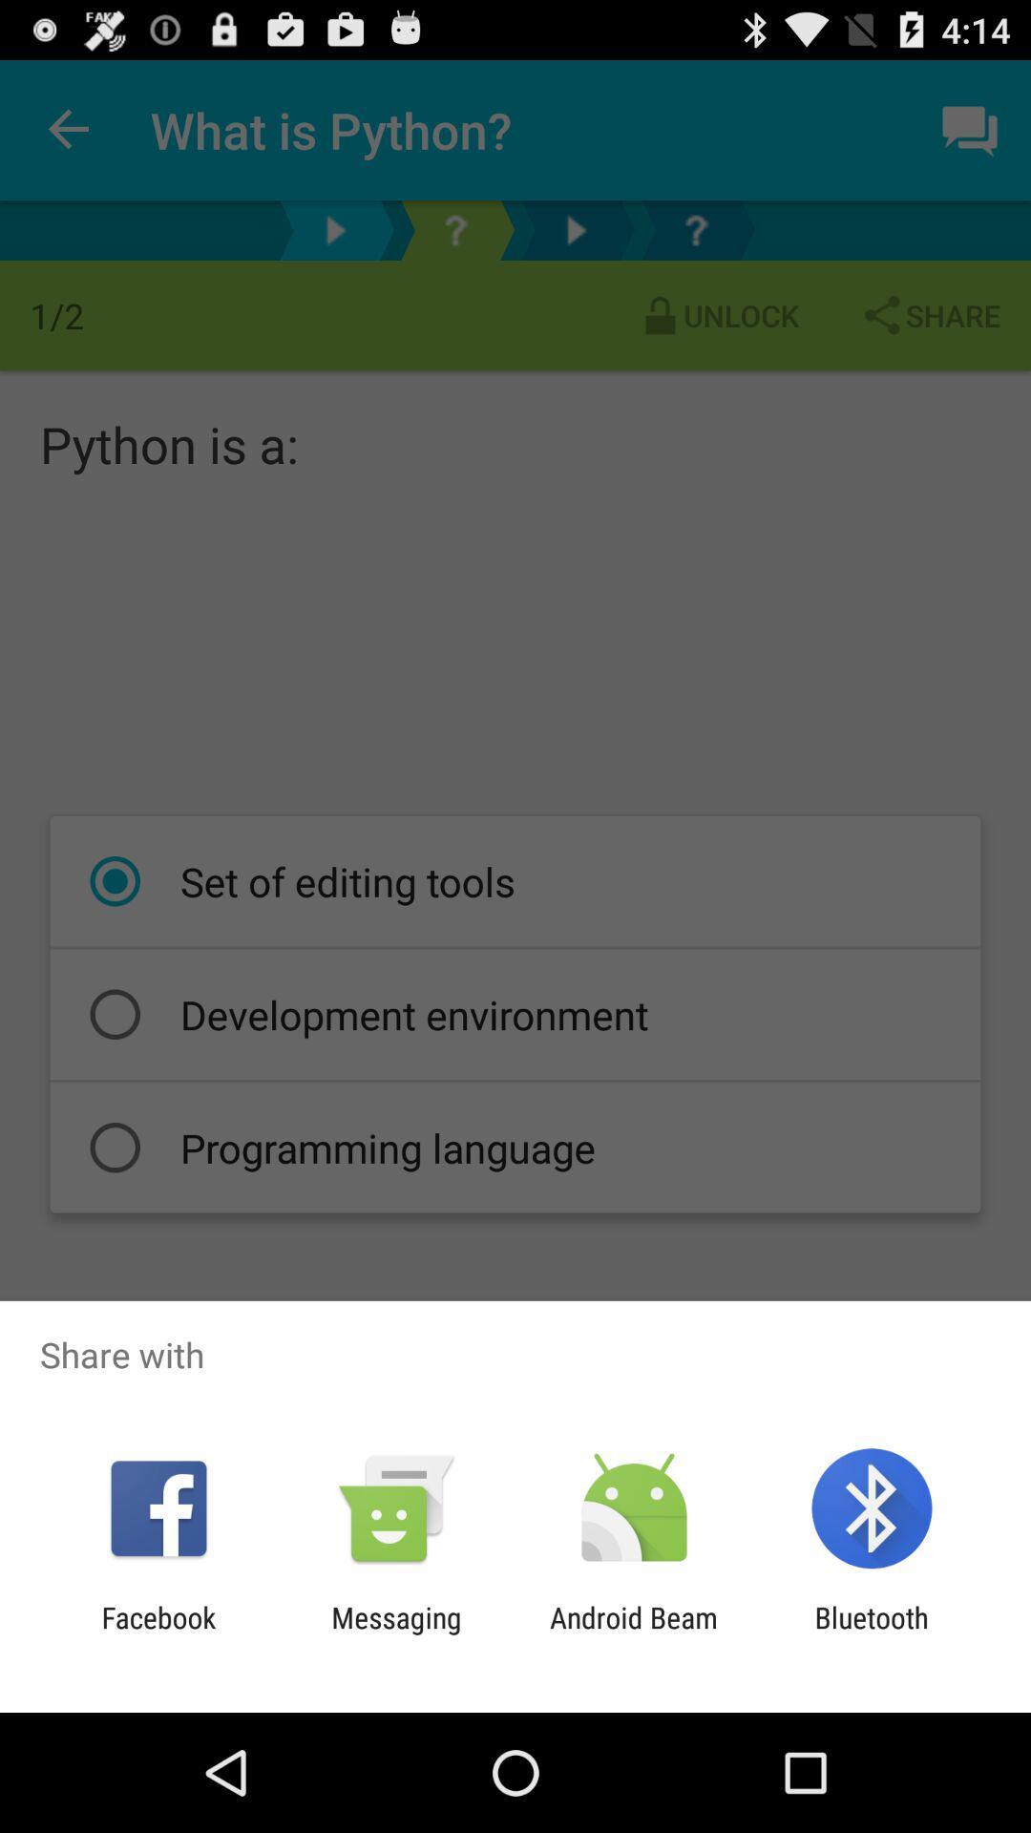  I want to click on messaging icon, so click(395, 1633).